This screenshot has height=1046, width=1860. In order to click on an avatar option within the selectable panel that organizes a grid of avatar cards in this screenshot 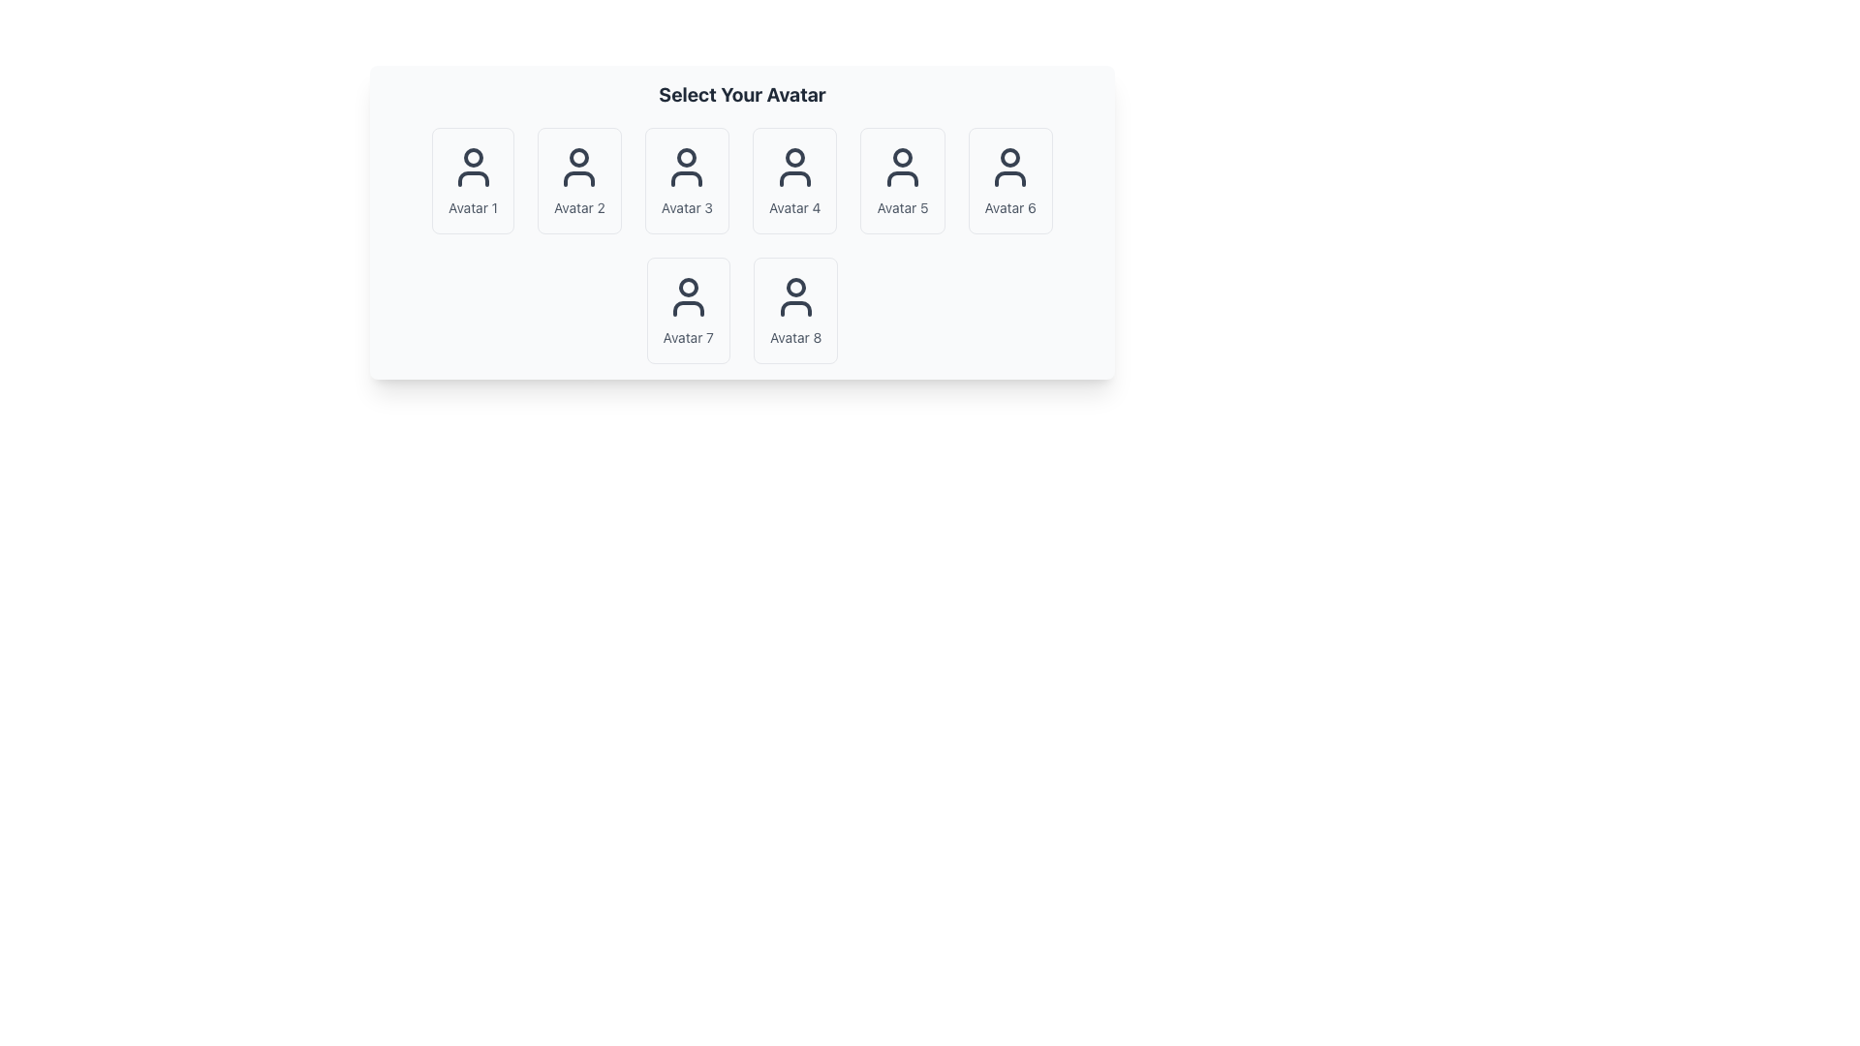, I will do `click(741, 222)`.